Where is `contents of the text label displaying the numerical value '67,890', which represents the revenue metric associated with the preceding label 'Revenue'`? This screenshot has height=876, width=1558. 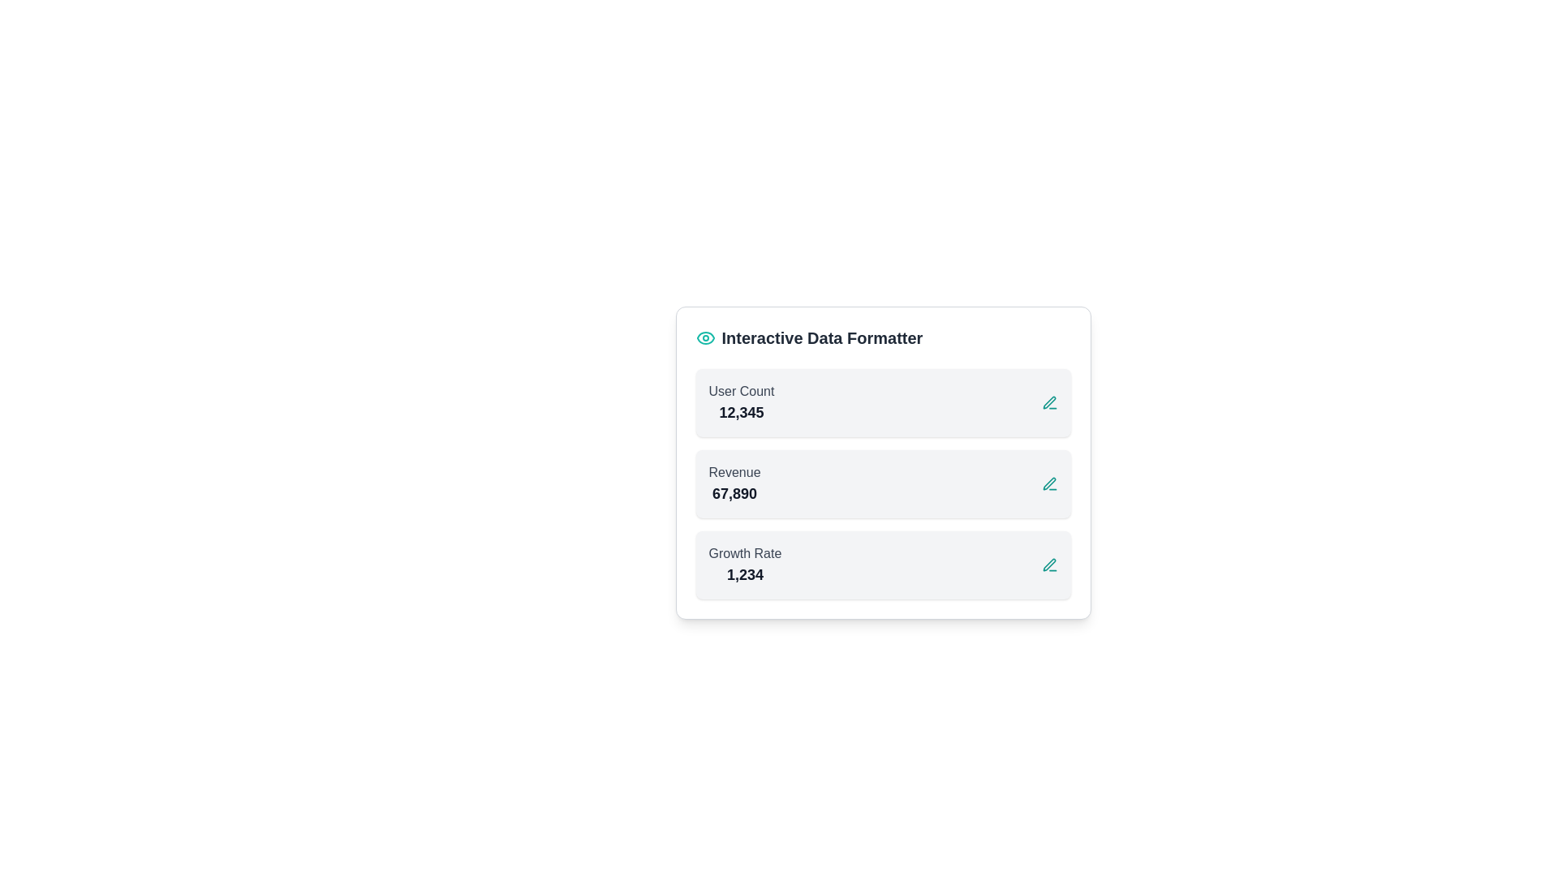
contents of the text label displaying the numerical value '67,890', which represents the revenue metric associated with the preceding label 'Revenue' is located at coordinates (734, 493).